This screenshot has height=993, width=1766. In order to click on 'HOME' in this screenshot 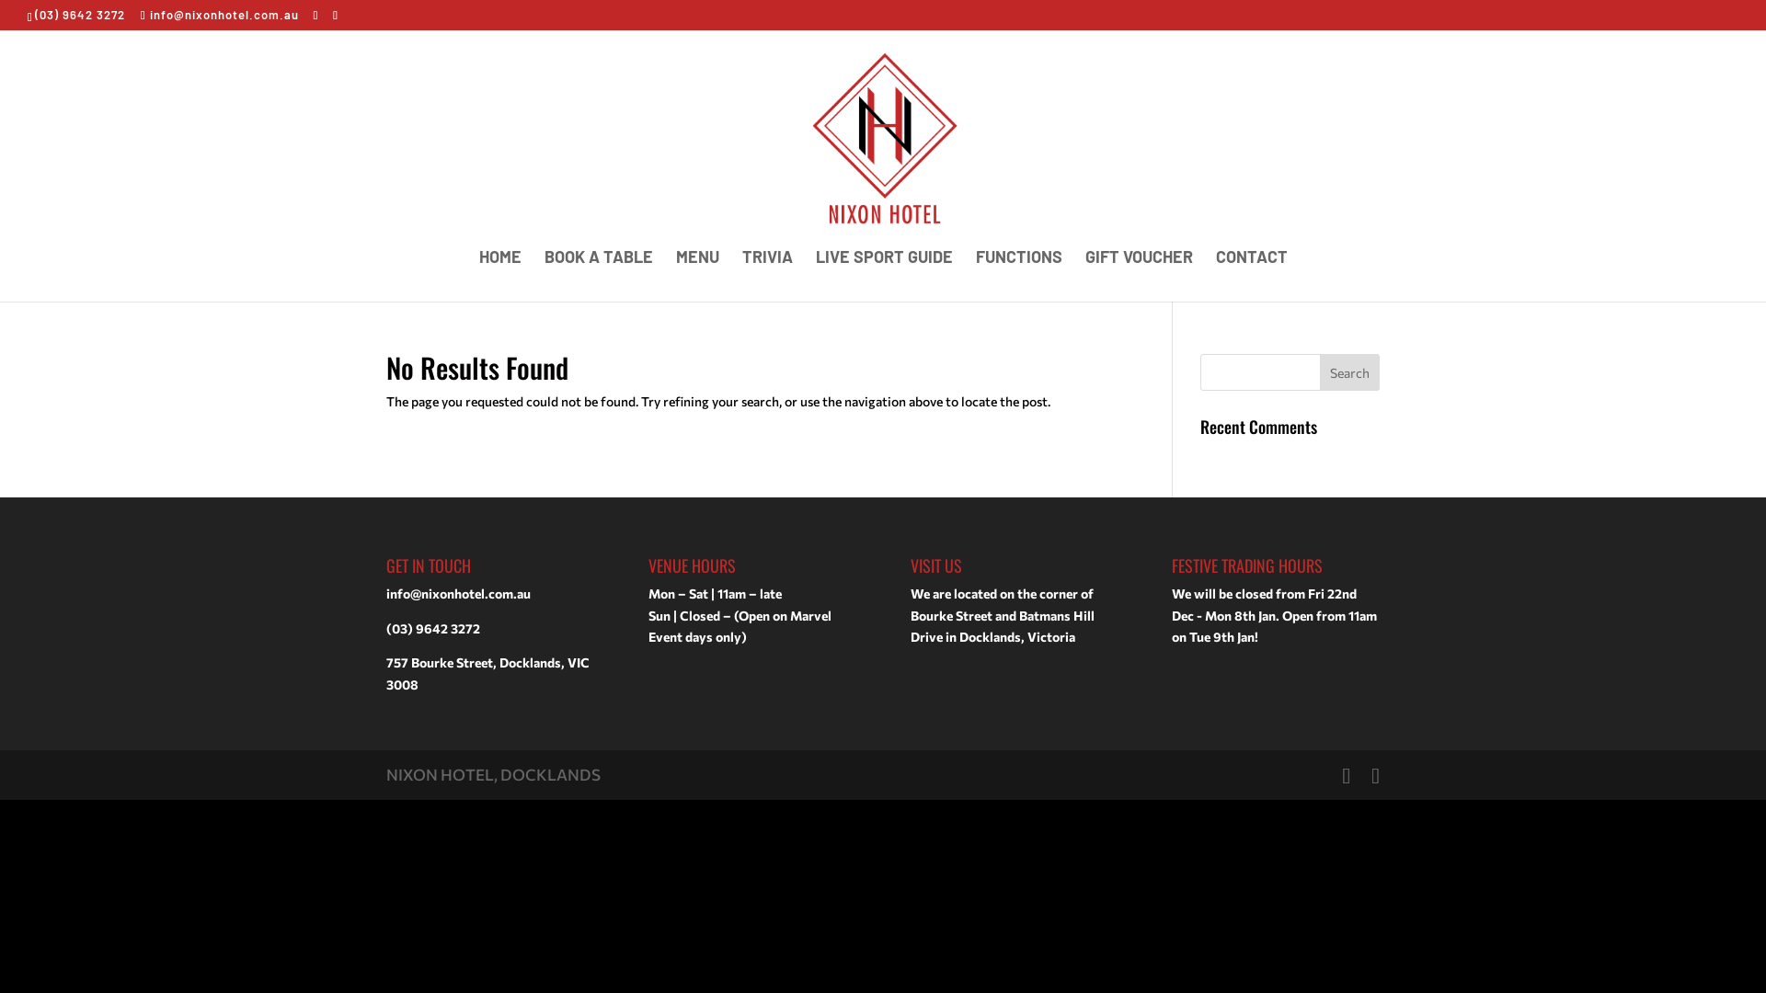, I will do `click(499, 276)`.